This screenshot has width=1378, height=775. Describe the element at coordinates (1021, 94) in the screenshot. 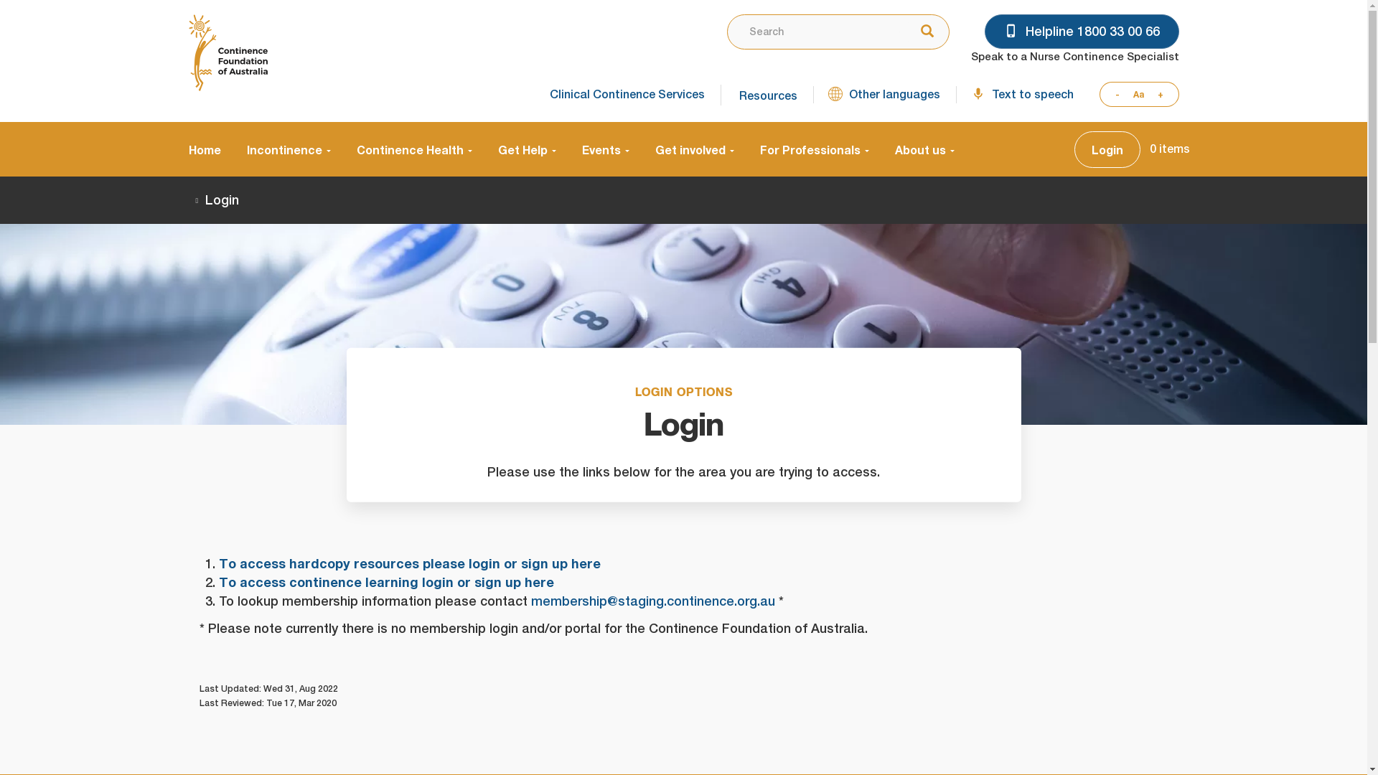

I see `'Text to speech'` at that location.